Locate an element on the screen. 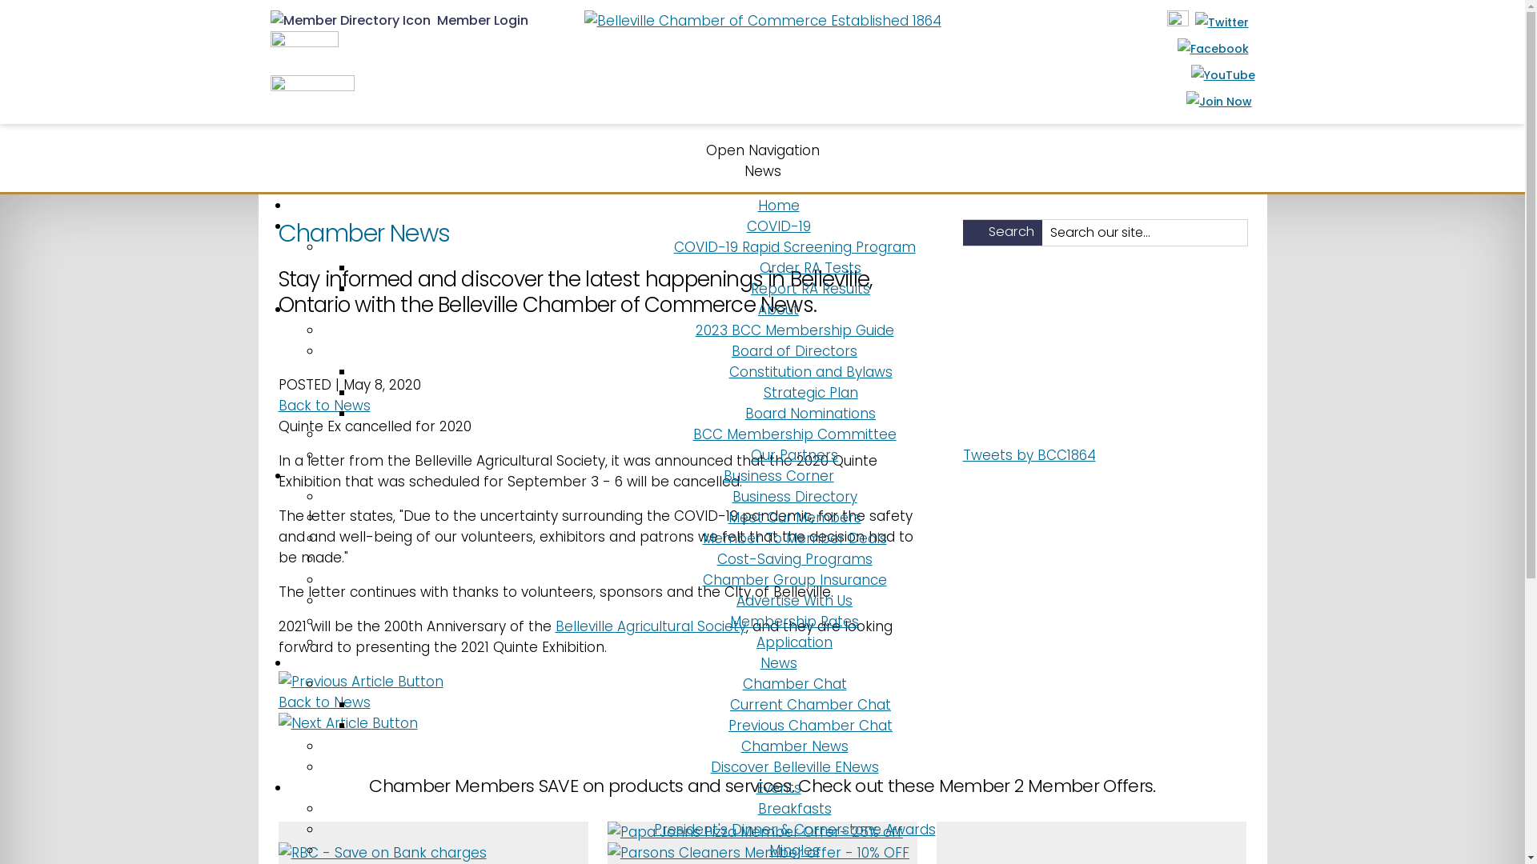 This screenshot has width=1537, height=864. 'COVID-19 Rapid Screening Program' is located at coordinates (795, 246).